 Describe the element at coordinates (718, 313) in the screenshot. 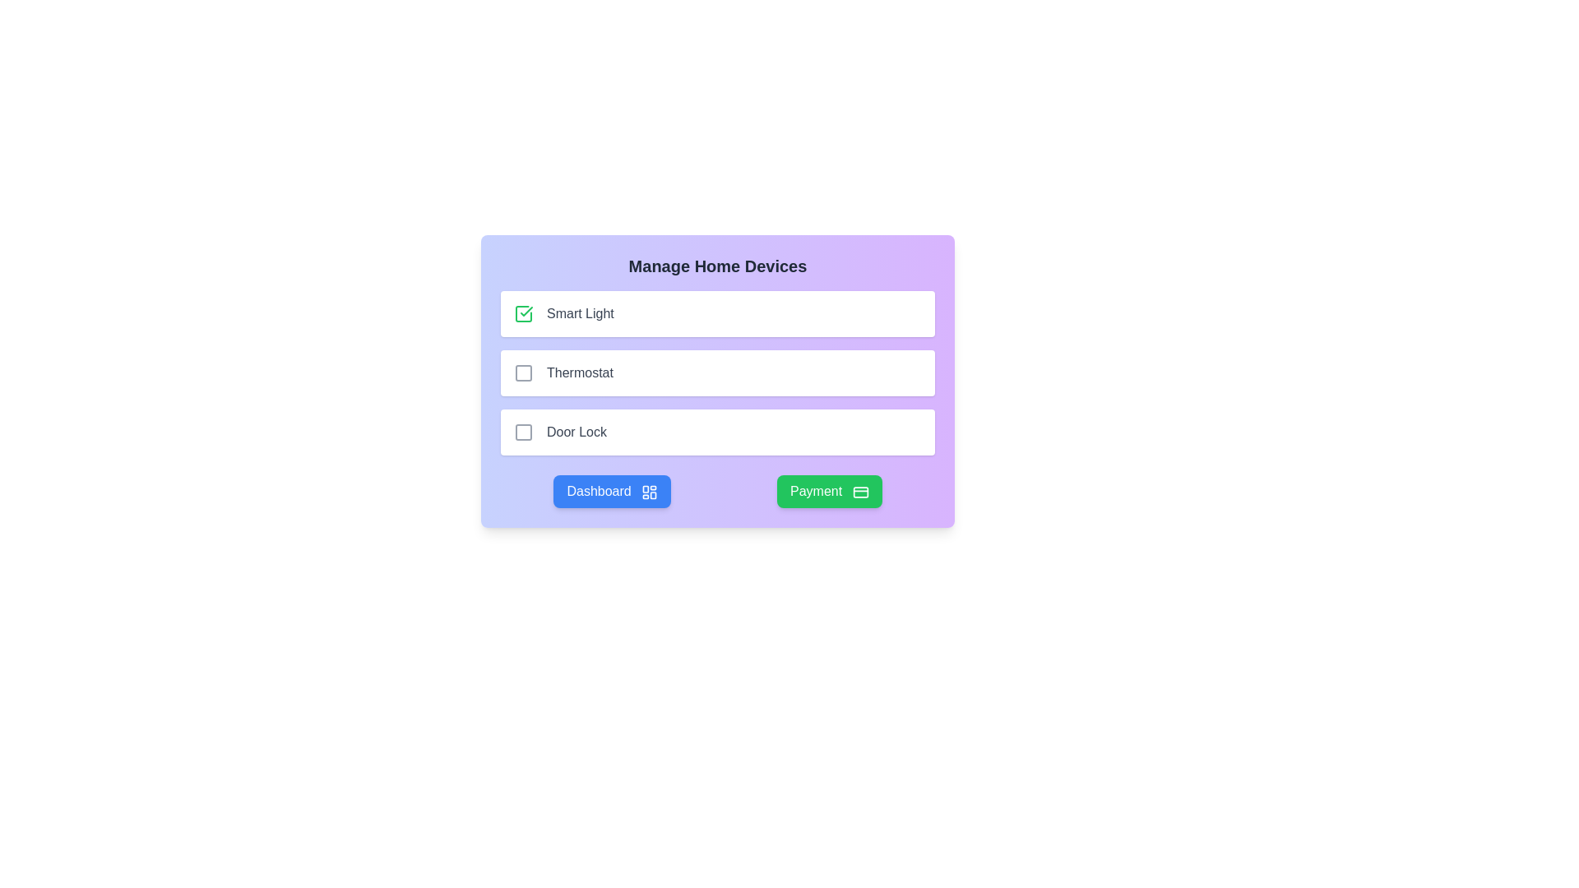

I see `the 'Smart Light' list item with a selectable checkbox` at that location.